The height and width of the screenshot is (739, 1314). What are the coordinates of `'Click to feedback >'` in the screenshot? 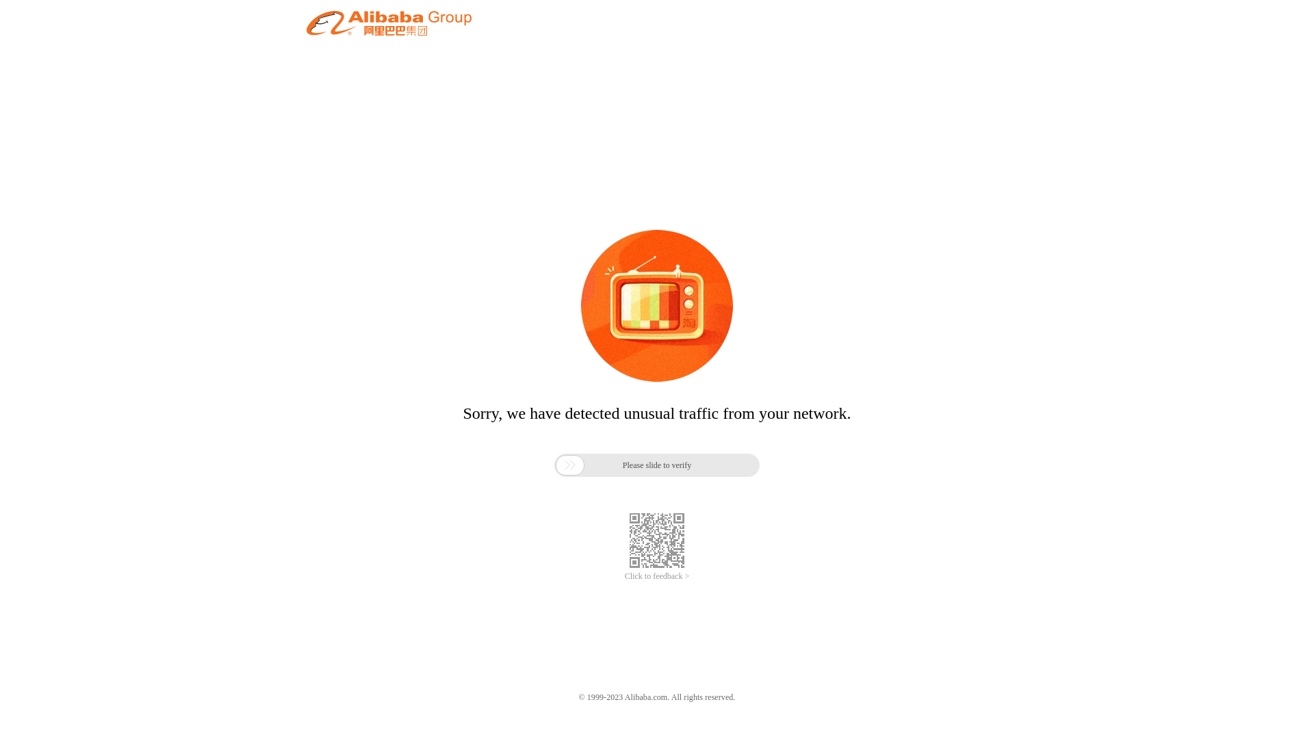 It's located at (657, 576).